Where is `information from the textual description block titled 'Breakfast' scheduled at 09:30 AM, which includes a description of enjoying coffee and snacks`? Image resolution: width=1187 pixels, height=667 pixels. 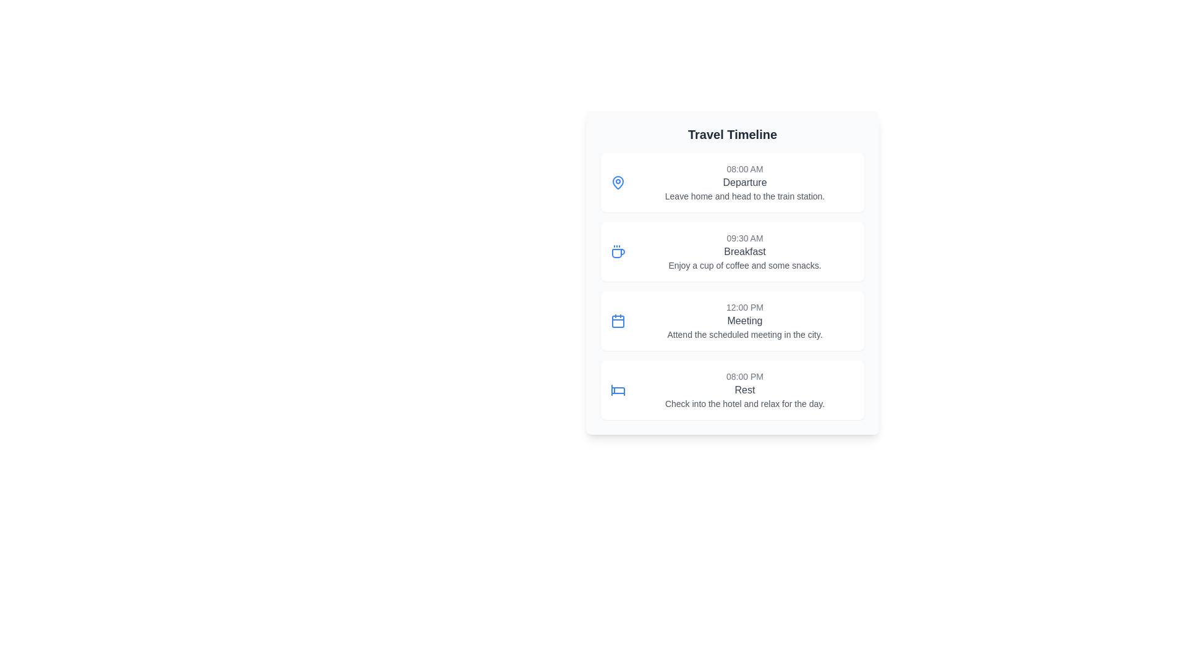 information from the textual description block titled 'Breakfast' scheduled at 09:30 AM, which includes a description of enjoying coffee and snacks is located at coordinates (744, 251).